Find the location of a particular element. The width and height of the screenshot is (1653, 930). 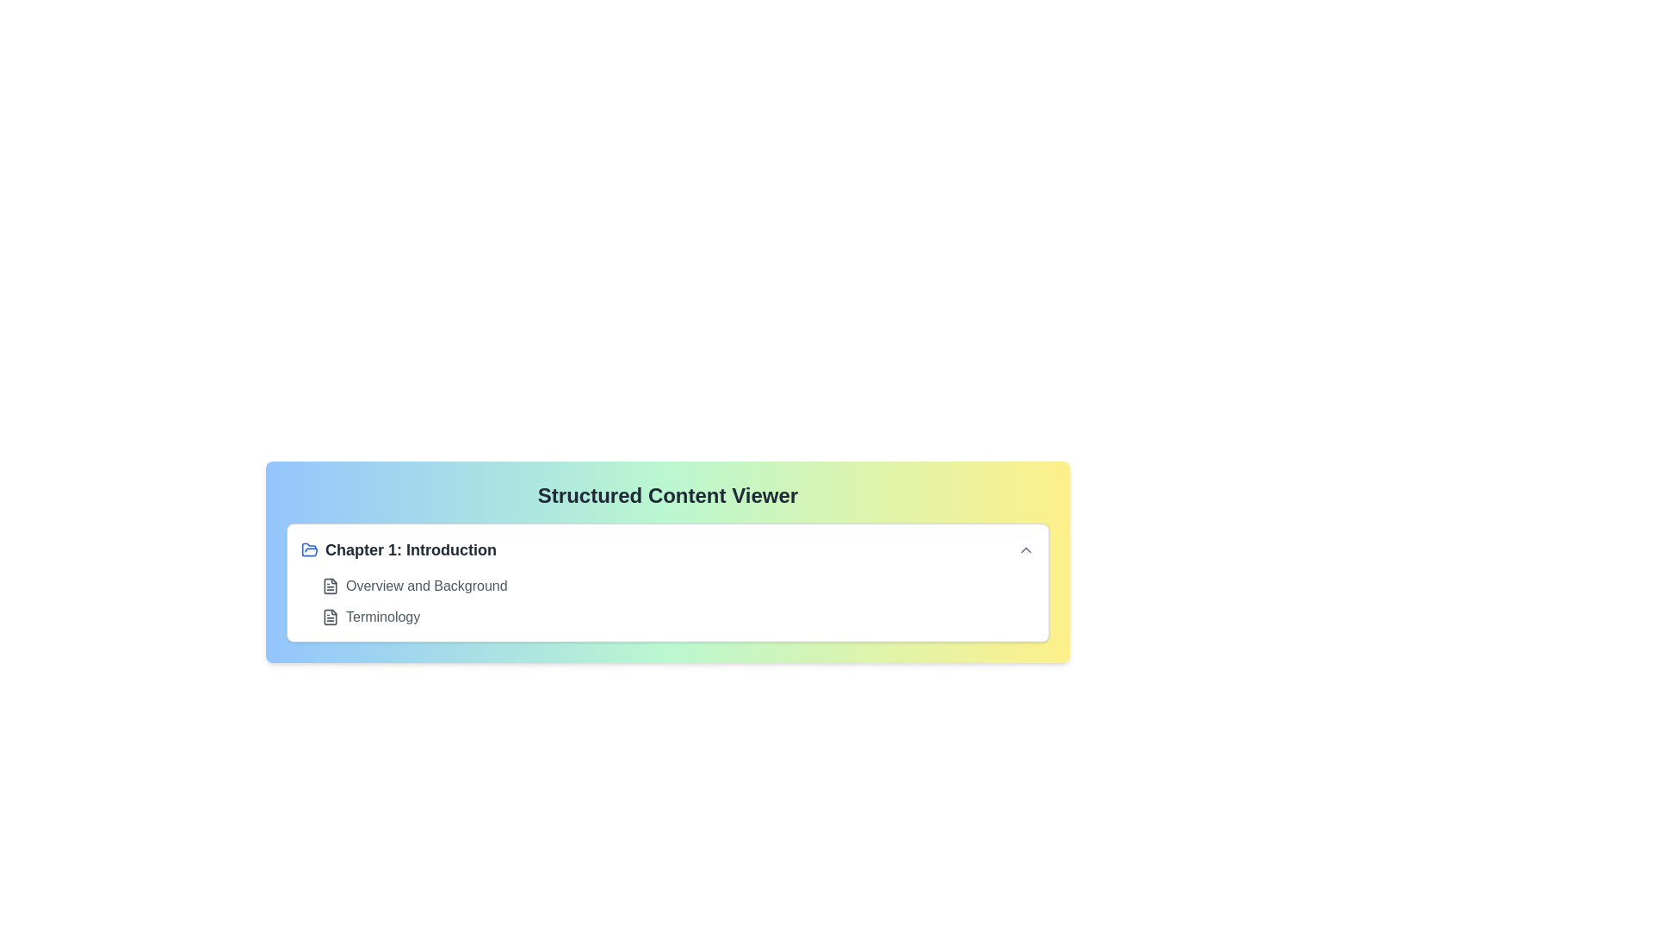

the upward-pointing chevron icon on the right-hand side of the 'Chapter 1: Introduction' section heading is located at coordinates (1025, 550).